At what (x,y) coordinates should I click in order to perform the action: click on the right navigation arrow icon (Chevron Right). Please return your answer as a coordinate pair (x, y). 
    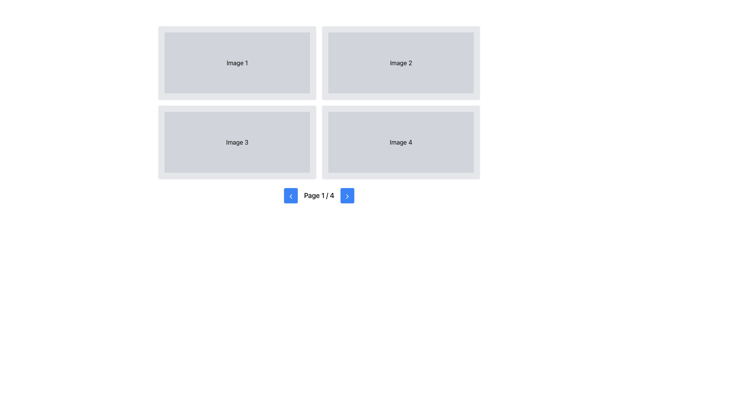
    Looking at the image, I should click on (347, 196).